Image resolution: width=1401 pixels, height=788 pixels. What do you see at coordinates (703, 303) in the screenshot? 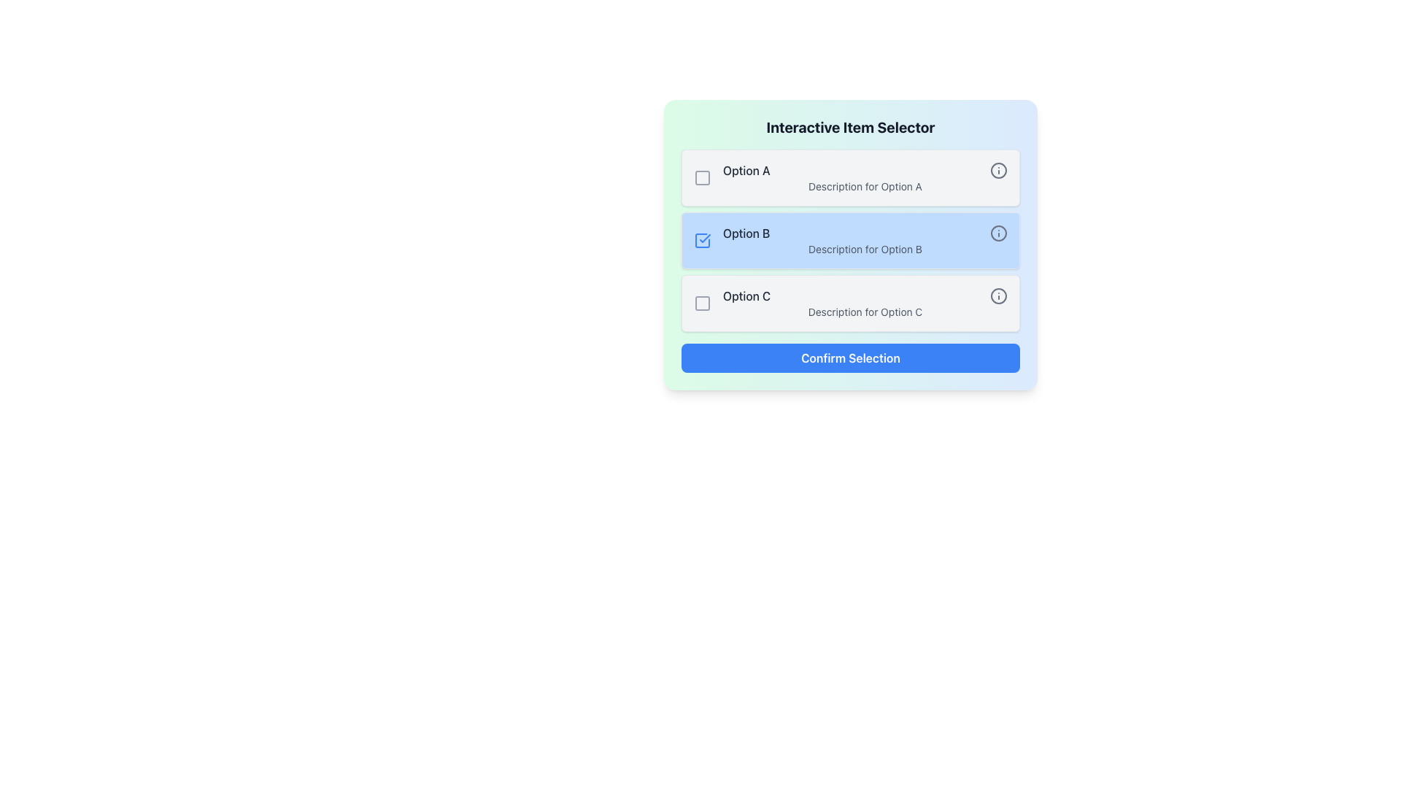
I see `the Checkbox-like icon for 'Option C'` at bounding box center [703, 303].